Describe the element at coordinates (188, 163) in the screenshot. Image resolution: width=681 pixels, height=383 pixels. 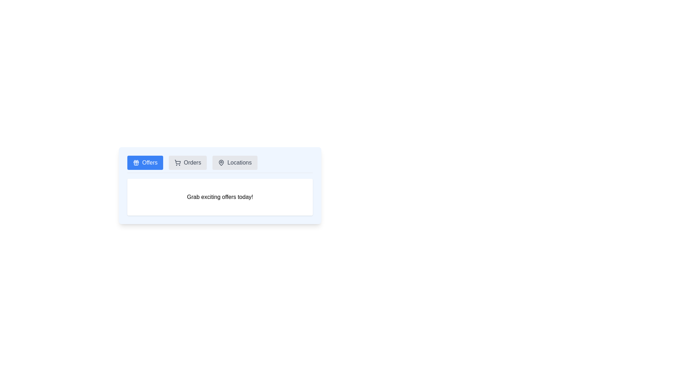
I see `the tab labeled Orders` at that location.